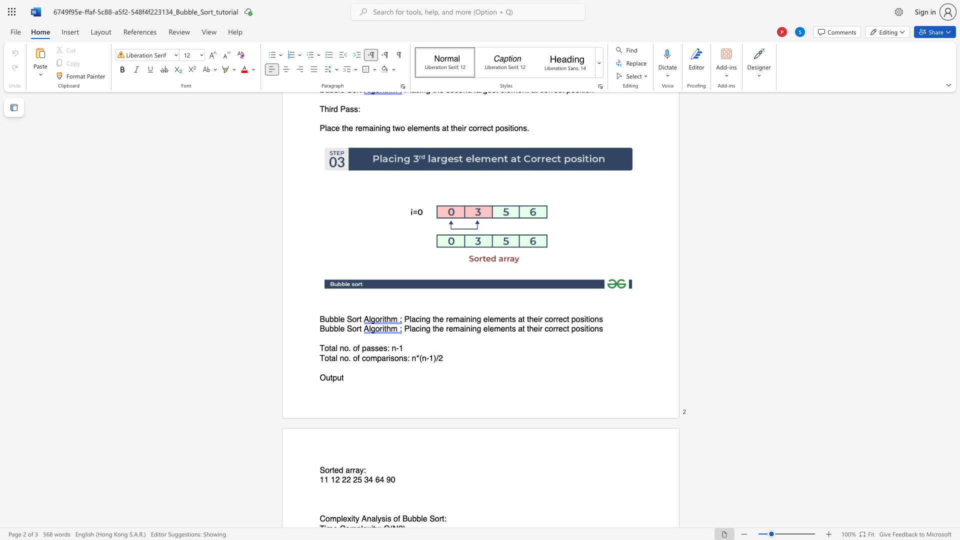  What do you see at coordinates (378, 348) in the screenshot?
I see `the space between the continuous character "s" and "e" in the text` at bounding box center [378, 348].